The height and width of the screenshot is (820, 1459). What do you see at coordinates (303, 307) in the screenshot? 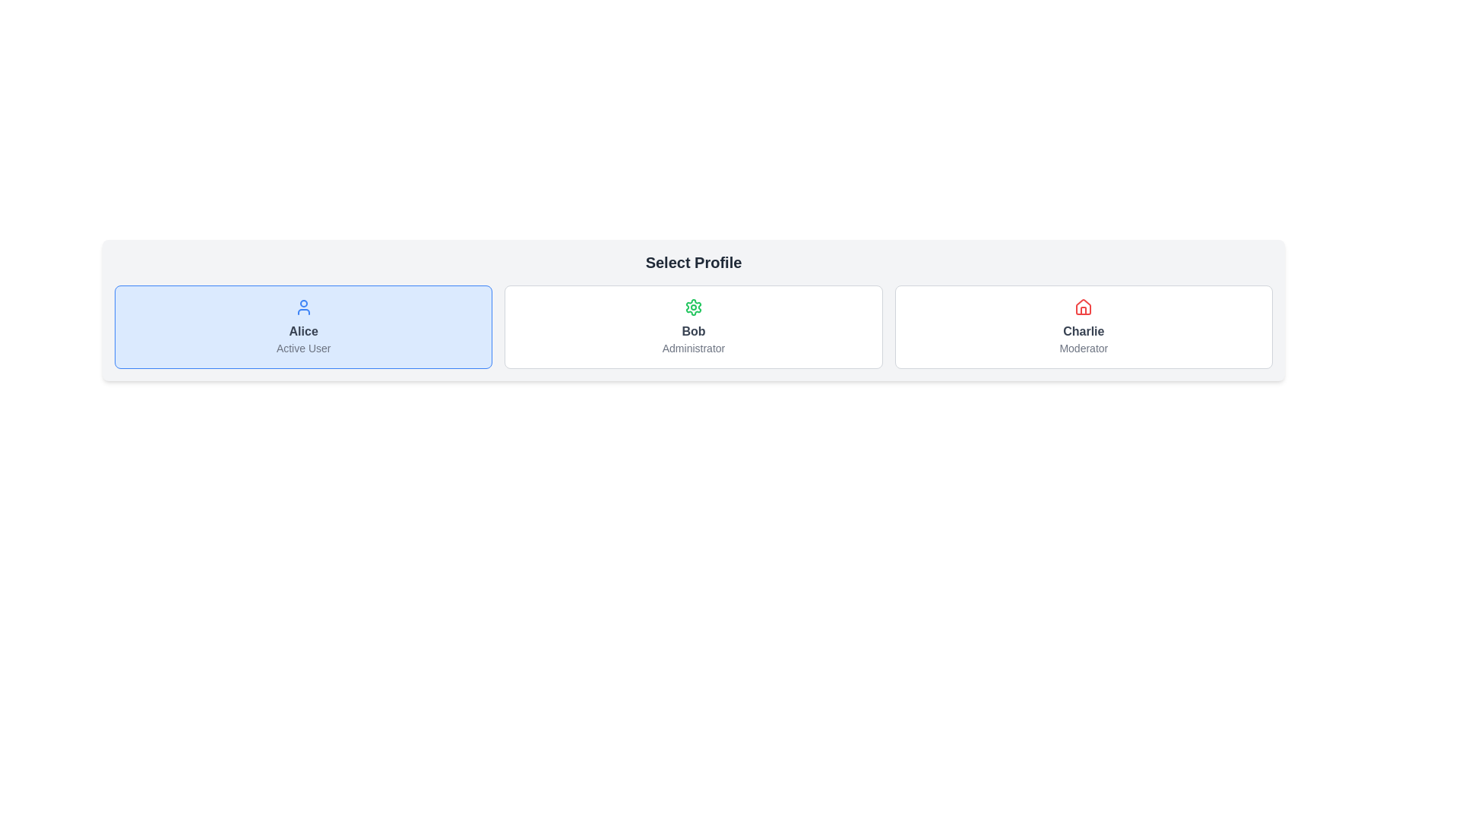
I see `the SVG icon representing a user or profile, styled in blue, located in the leftmost section of the profile cards above the labels 'Alice' and 'Active User'` at bounding box center [303, 307].